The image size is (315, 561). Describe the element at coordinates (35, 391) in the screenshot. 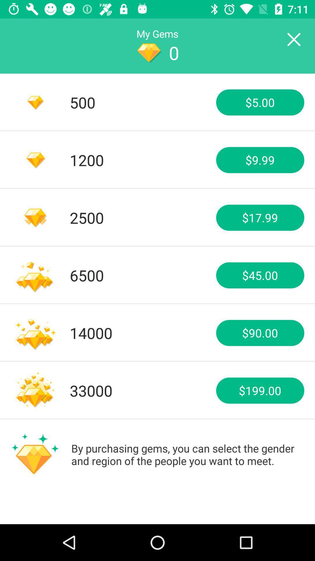

I see `image left to 33000` at that location.